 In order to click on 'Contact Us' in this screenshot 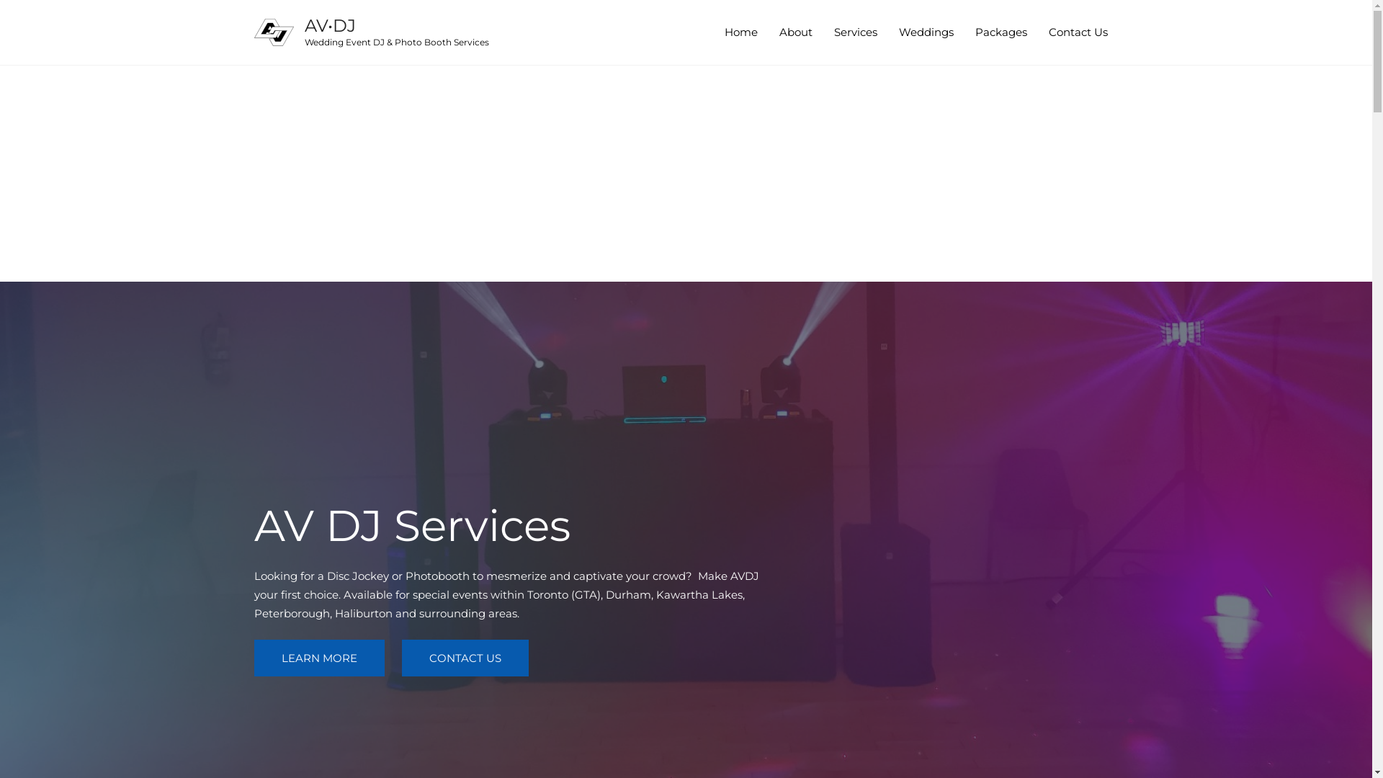, I will do `click(1078, 32)`.